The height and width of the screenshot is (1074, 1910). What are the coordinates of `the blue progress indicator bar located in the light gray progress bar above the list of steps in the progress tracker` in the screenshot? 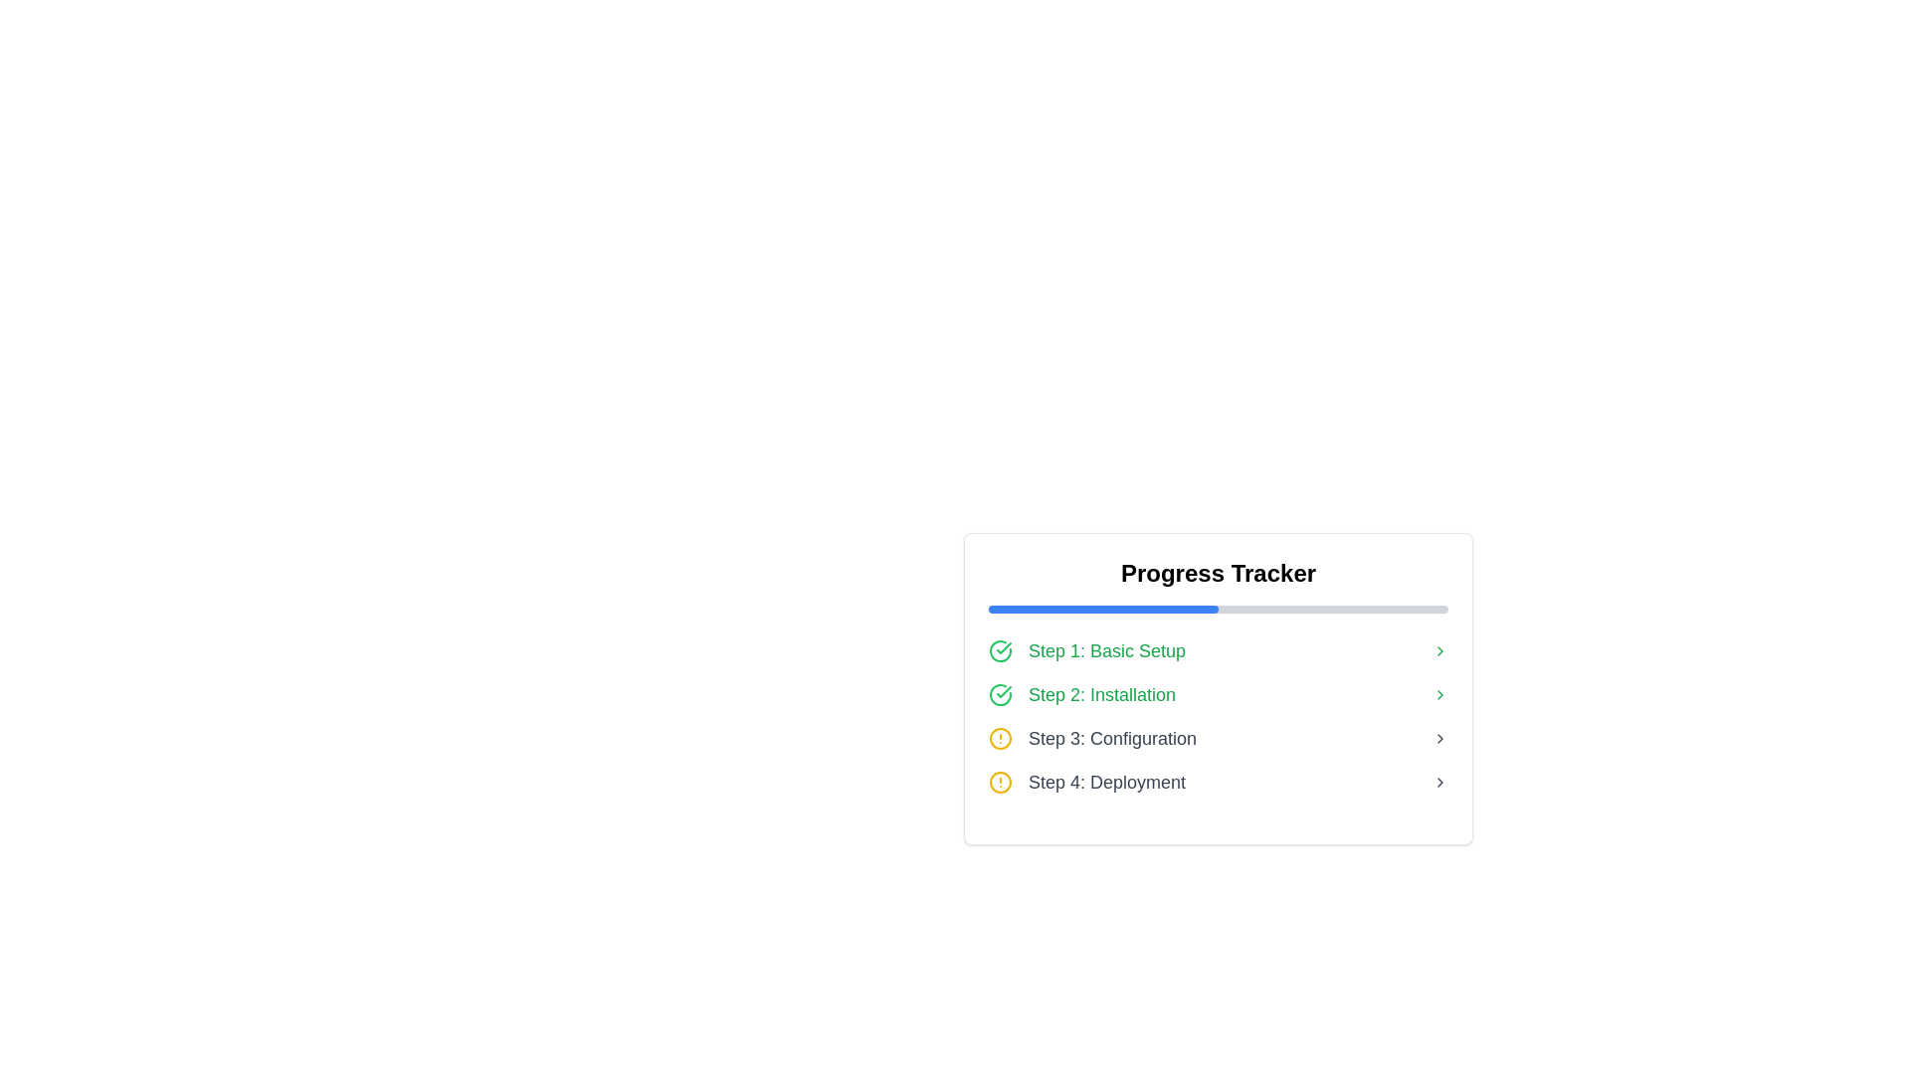 It's located at (1102, 609).